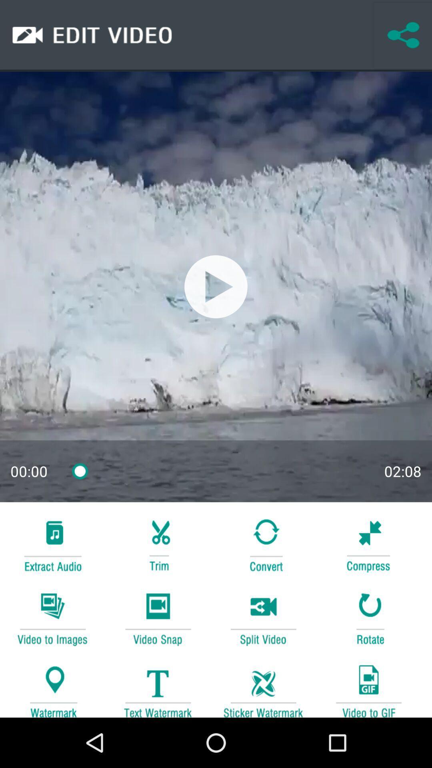 This screenshot has height=768, width=432. Describe the element at coordinates (158, 687) in the screenshot. I see `text selection` at that location.